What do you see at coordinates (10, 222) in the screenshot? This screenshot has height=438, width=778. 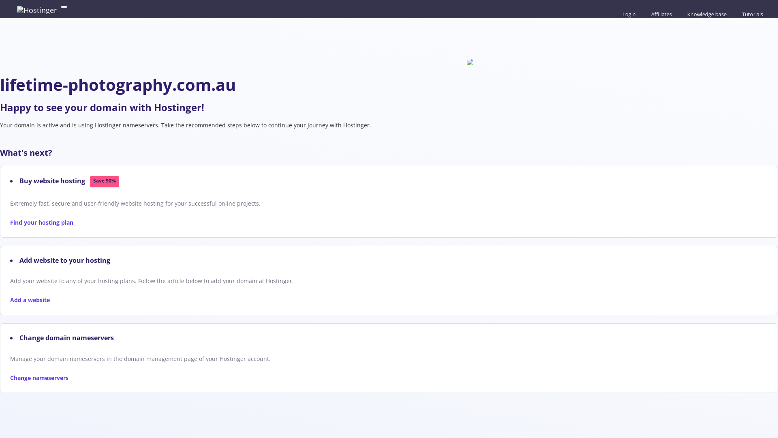 I see `'Find your hosting plan'` at bounding box center [10, 222].